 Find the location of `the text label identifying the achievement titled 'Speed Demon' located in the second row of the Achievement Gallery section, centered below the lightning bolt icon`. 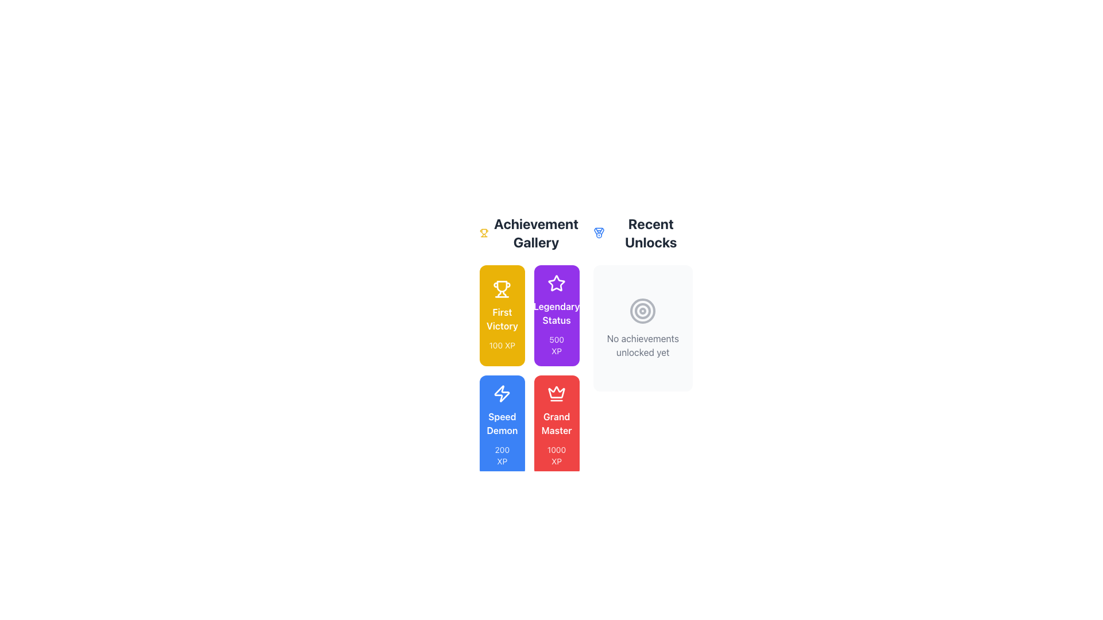

the text label identifying the achievement titled 'Speed Demon' located in the second row of the Achievement Gallery section, centered below the lightning bolt icon is located at coordinates (502, 423).